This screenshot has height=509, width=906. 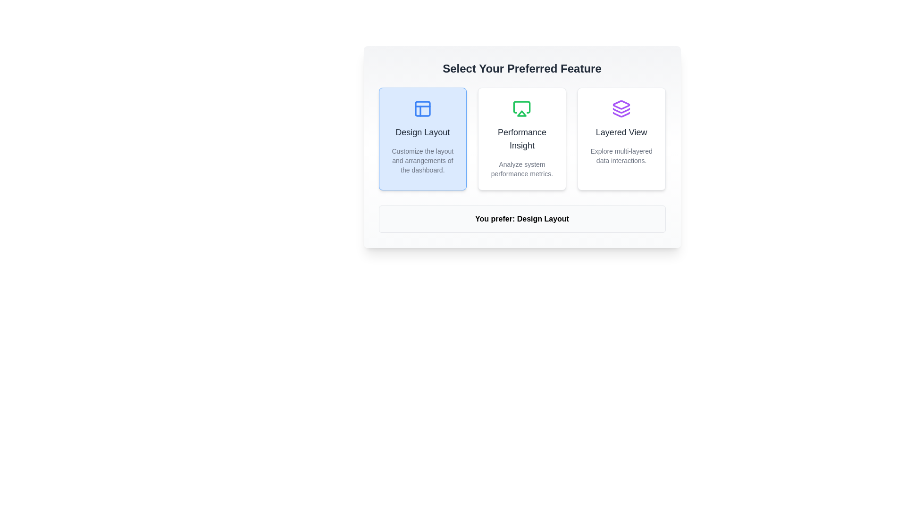 I want to click on the 'Design Layout' icon, which is centrally located within the first option card above the card's title text, so click(x=422, y=108).